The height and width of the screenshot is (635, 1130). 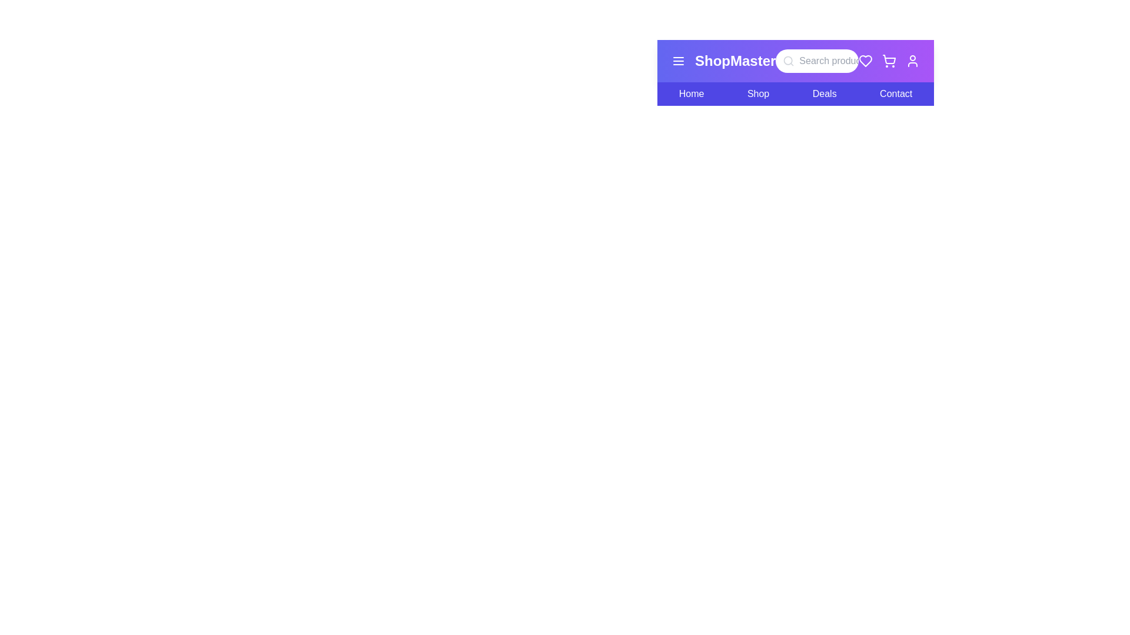 I want to click on the Contact menu item in the navigation bar, so click(x=895, y=93).